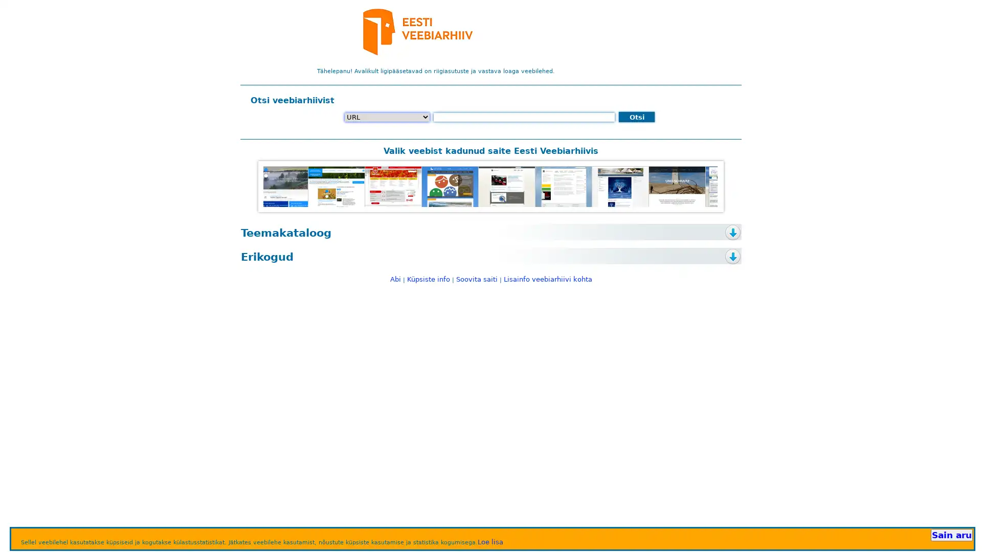 The width and height of the screenshot is (982, 552). Describe the element at coordinates (636, 116) in the screenshot. I see `Otsi` at that location.